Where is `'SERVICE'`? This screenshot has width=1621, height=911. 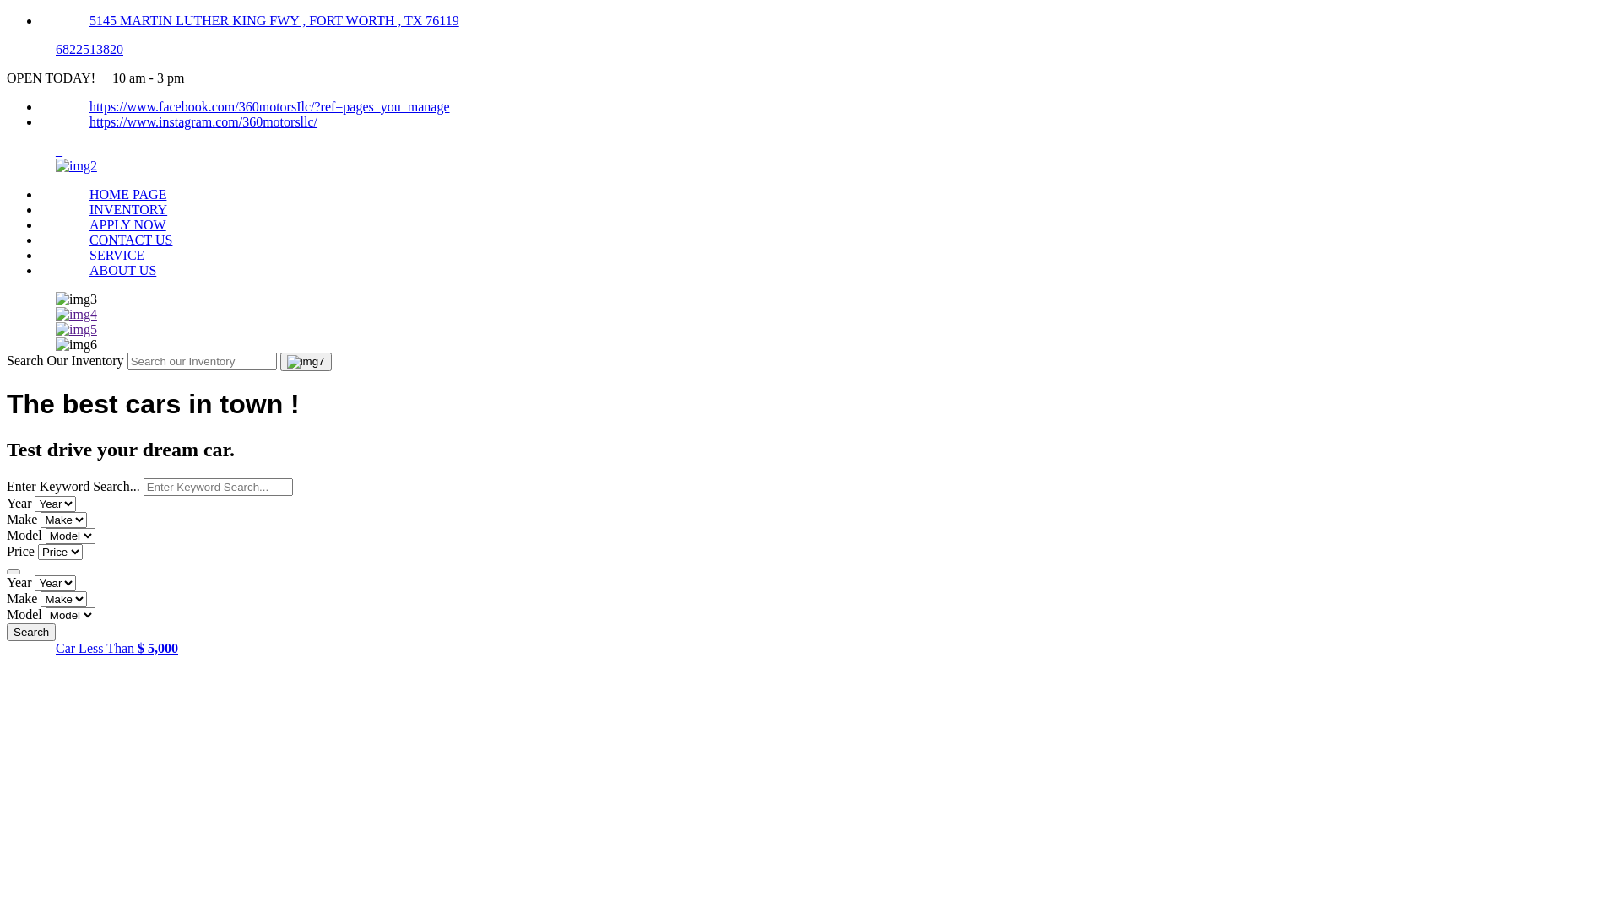
'SERVICE' is located at coordinates (116, 255).